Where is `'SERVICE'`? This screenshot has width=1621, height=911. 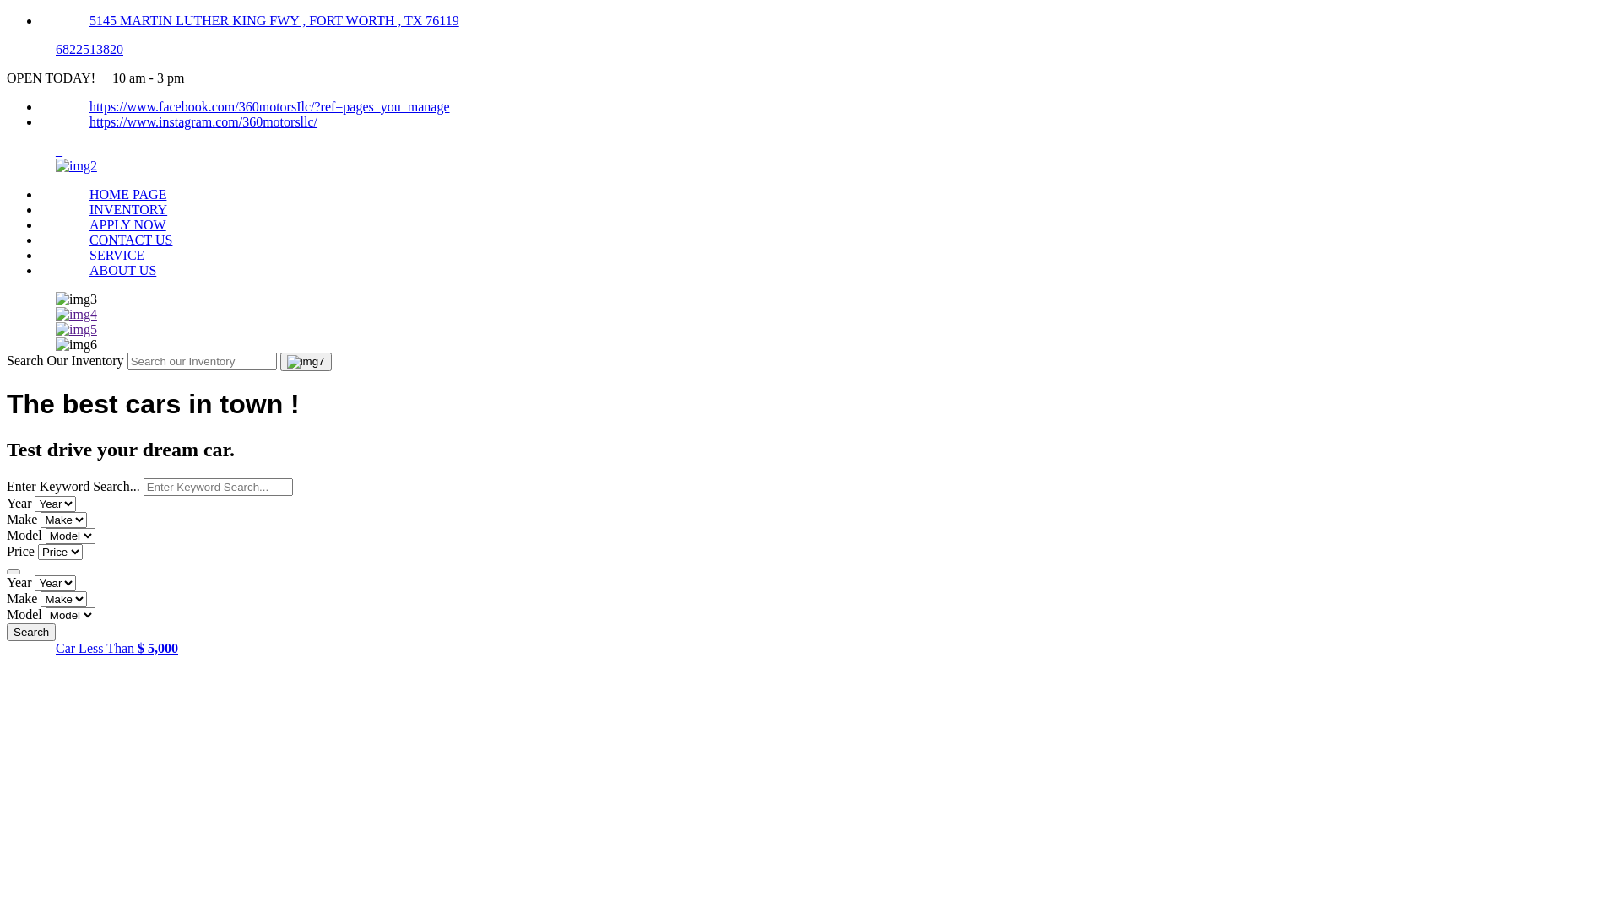
'SERVICE' is located at coordinates (116, 255).